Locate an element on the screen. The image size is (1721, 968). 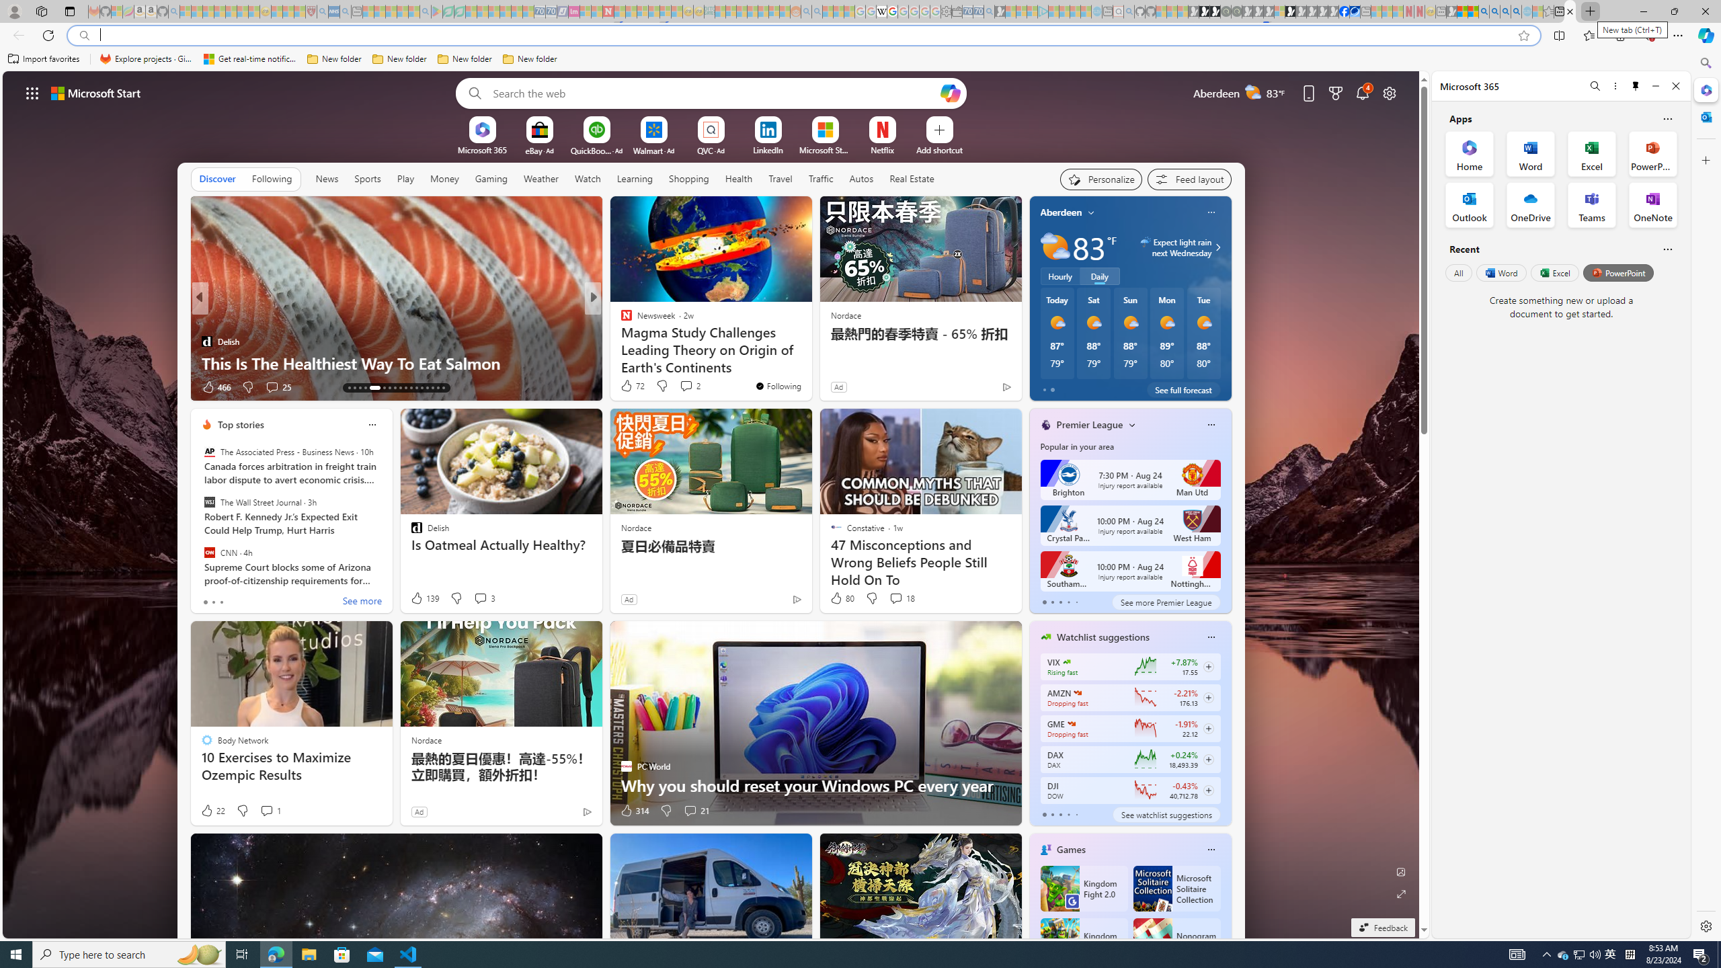
'Import favorites' is located at coordinates (44, 58).